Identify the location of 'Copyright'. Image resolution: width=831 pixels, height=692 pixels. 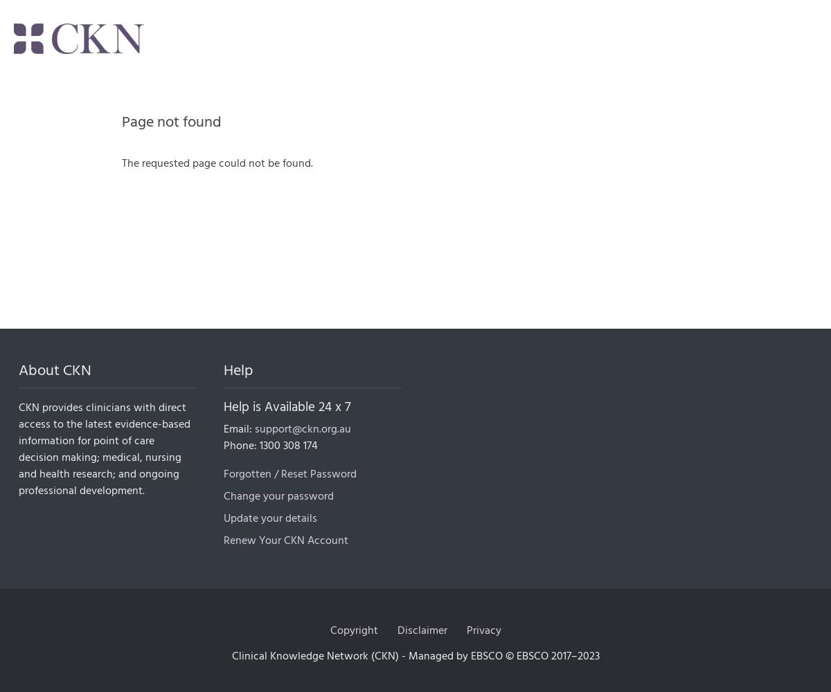
(329, 630).